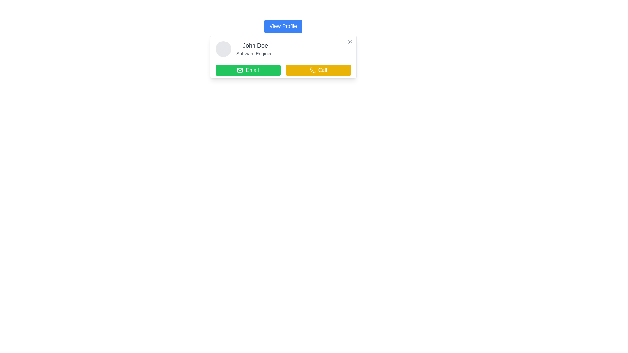 The height and width of the screenshot is (353, 628). I want to click on the green 'Email' button, which has a white envelope icon and is located on the left side of the button group under the profile header, to potentially view additional information, so click(248, 70).